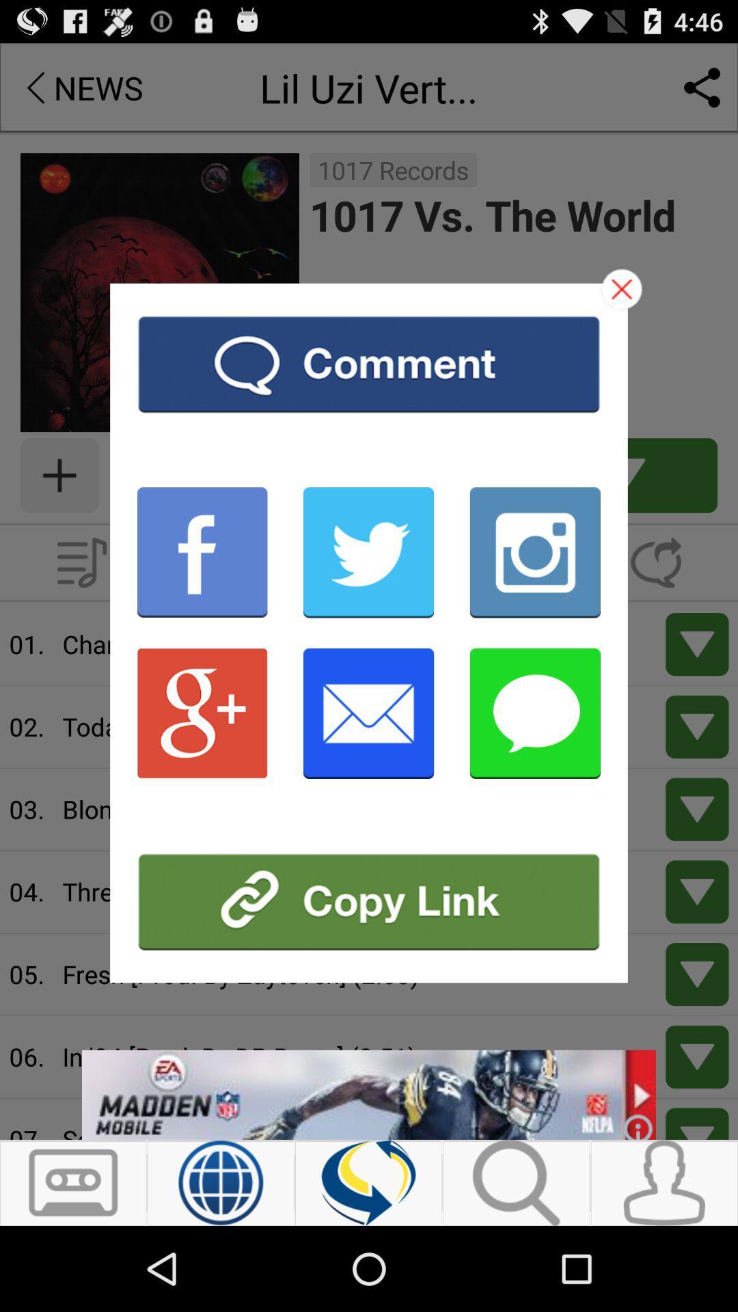  Describe the element at coordinates (368, 552) in the screenshot. I see `share on twitter` at that location.